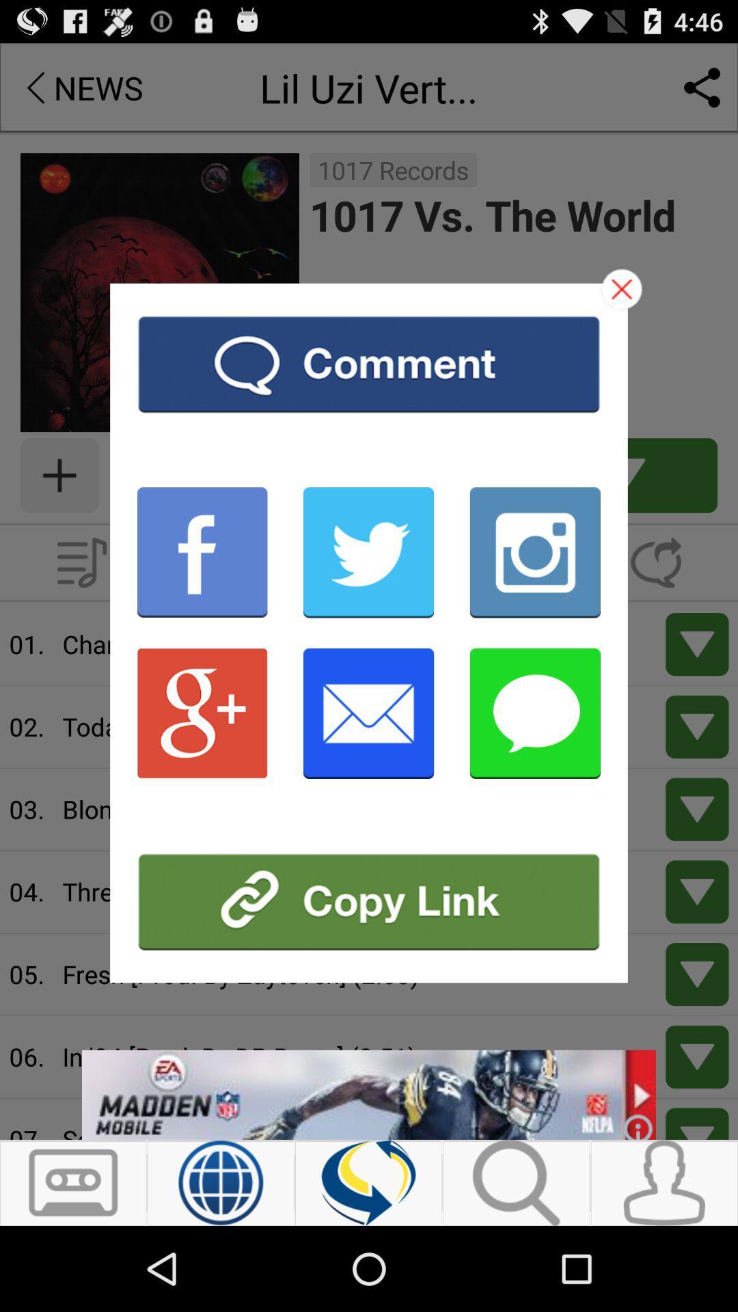  Describe the element at coordinates (368, 552) in the screenshot. I see `share on twitter` at that location.